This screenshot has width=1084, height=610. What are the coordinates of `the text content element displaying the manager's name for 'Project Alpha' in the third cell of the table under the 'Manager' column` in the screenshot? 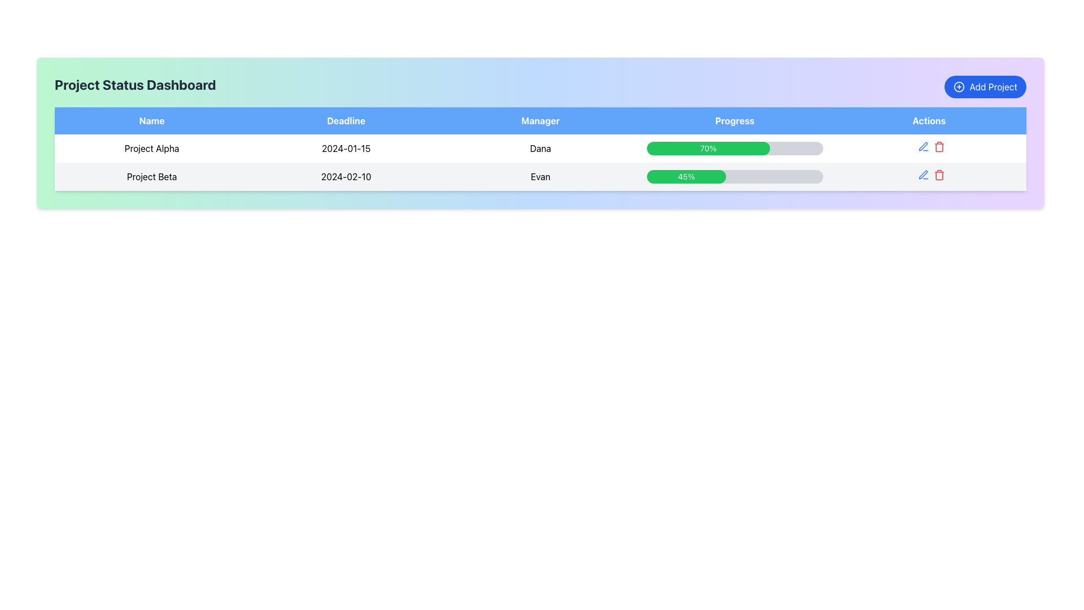 It's located at (540, 147).